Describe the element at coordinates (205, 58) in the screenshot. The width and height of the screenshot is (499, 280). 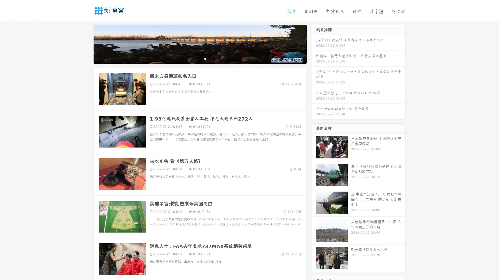
I see `Go to slide 3` at that location.